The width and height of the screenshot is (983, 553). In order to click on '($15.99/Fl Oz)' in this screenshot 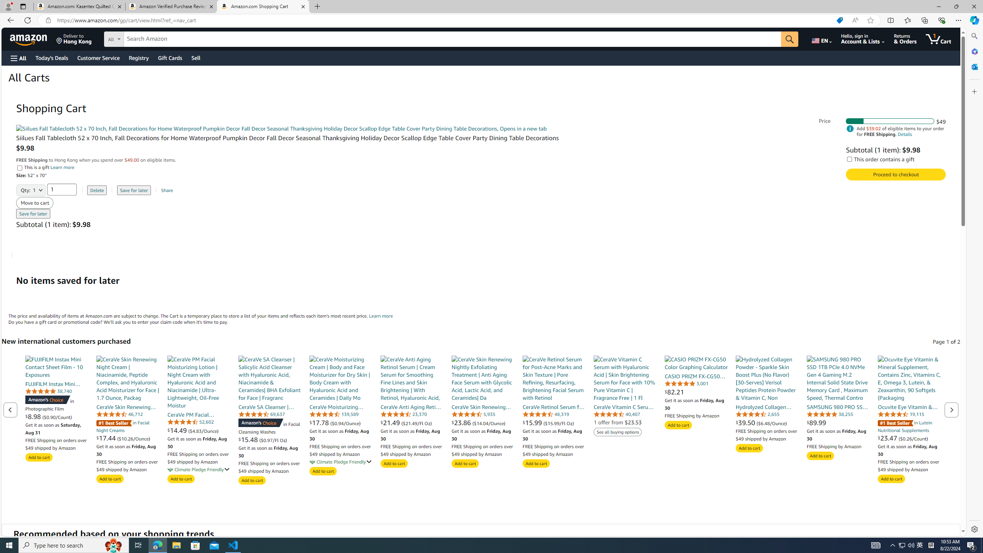, I will do `click(559, 422)`.